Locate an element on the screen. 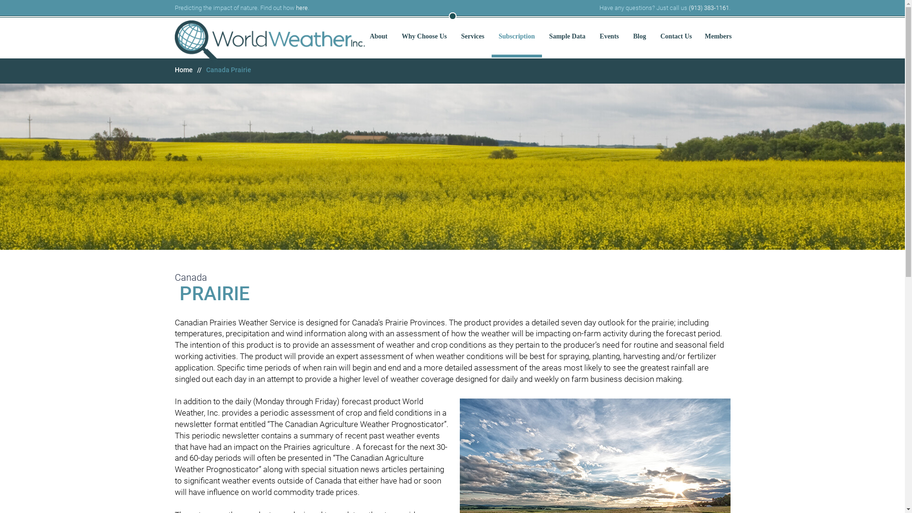 Image resolution: width=912 pixels, height=513 pixels. 'Blog' is located at coordinates (626, 36).